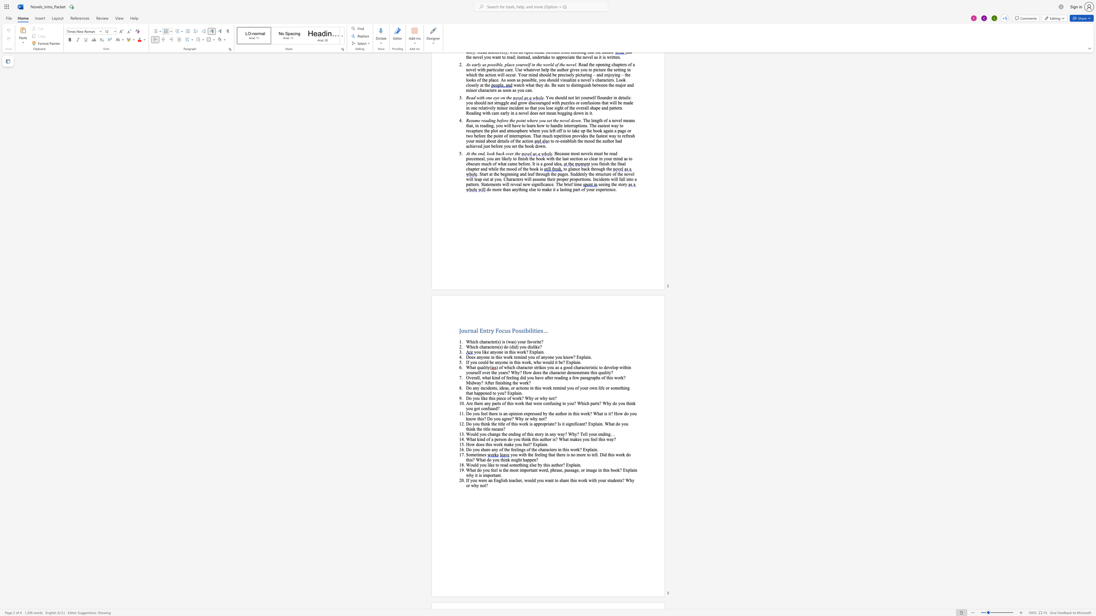 This screenshot has height=616, width=1096. What do you see at coordinates (531, 342) in the screenshot?
I see `the 1th character "v" in the text` at bounding box center [531, 342].